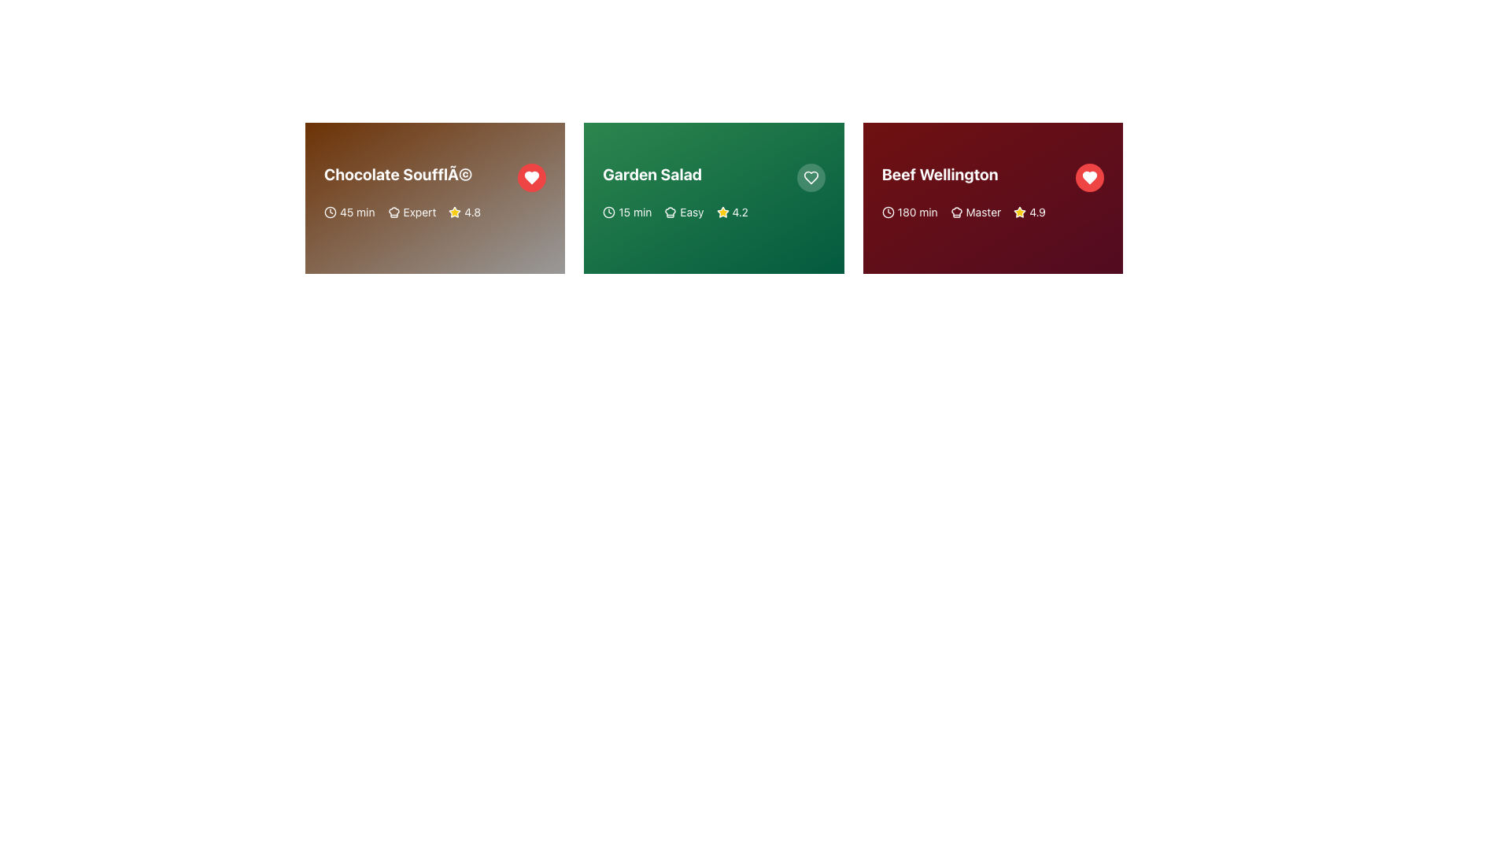 Image resolution: width=1511 pixels, height=850 pixels. Describe the element at coordinates (330, 213) in the screenshot. I see `the time icon that represents the estimated preparation time for the recipe, located to the left of '45 min' in the grouped layout below 'Chocolate Soufflé'` at that location.